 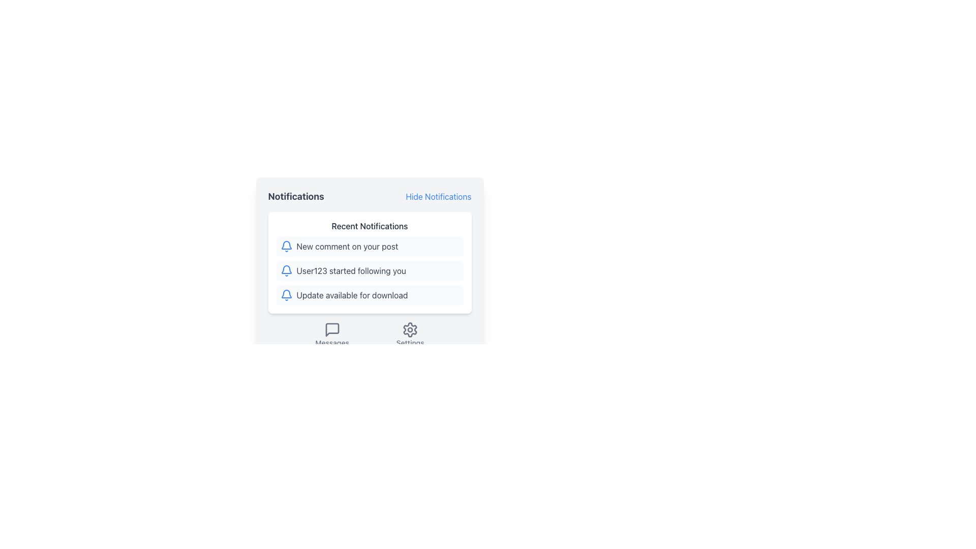 What do you see at coordinates (438, 196) in the screenshot?
I see `the button located to the right of the 'Notifications' text to hide notifications` at bounding box center [438, 196].